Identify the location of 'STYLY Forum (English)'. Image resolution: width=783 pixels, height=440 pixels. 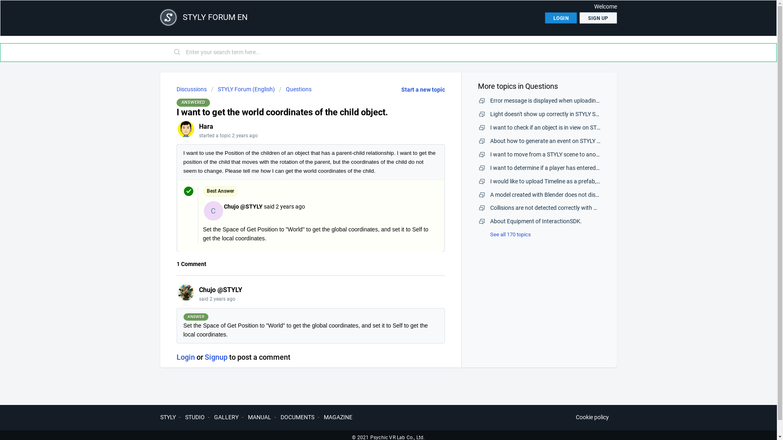
(242, 89).